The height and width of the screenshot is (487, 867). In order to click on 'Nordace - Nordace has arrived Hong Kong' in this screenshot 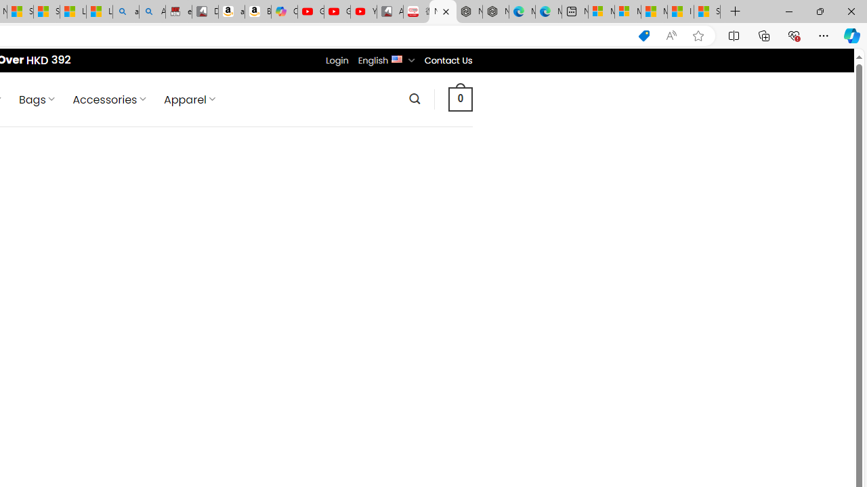, I will do `click(495, 11)`.